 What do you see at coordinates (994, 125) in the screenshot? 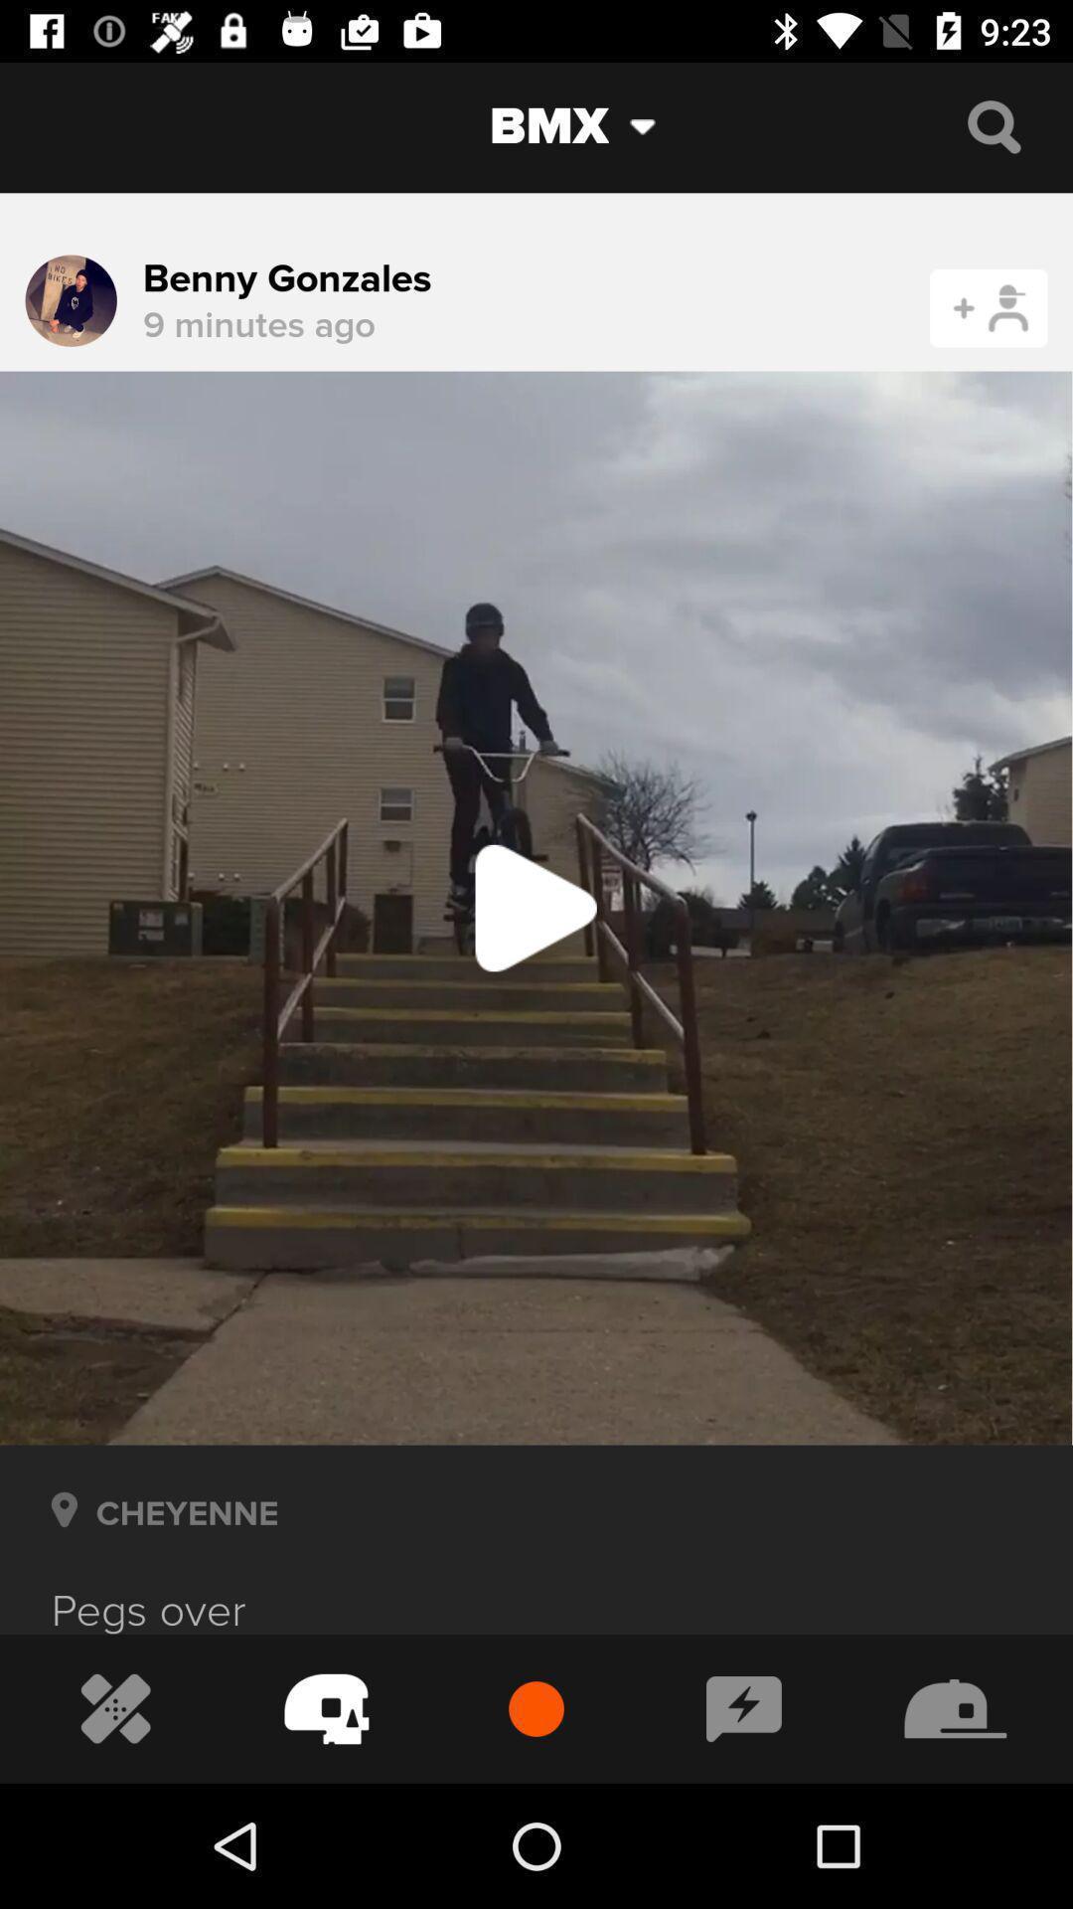
I see `the search icon` at bounding box center [994, 125].